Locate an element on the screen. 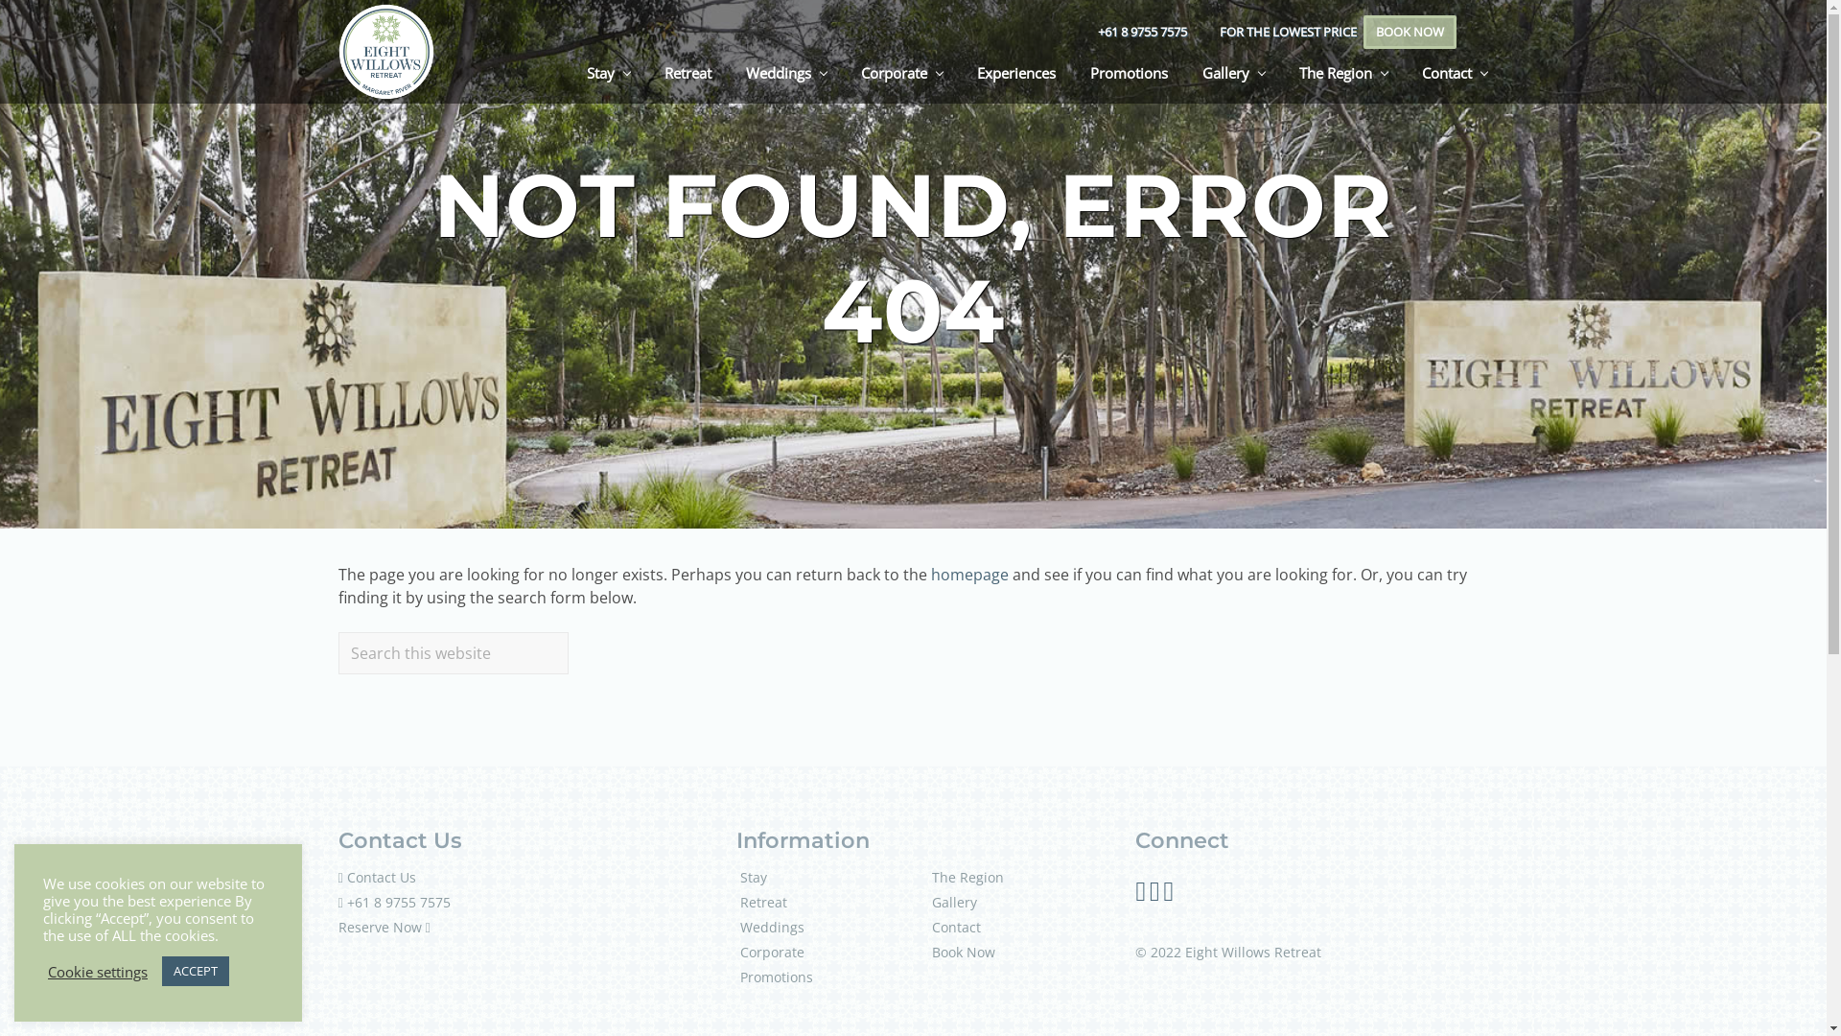 The width and height of the screenshot is (1841, 1036). 'Cookie settings' is located at coordinates (96, 972).